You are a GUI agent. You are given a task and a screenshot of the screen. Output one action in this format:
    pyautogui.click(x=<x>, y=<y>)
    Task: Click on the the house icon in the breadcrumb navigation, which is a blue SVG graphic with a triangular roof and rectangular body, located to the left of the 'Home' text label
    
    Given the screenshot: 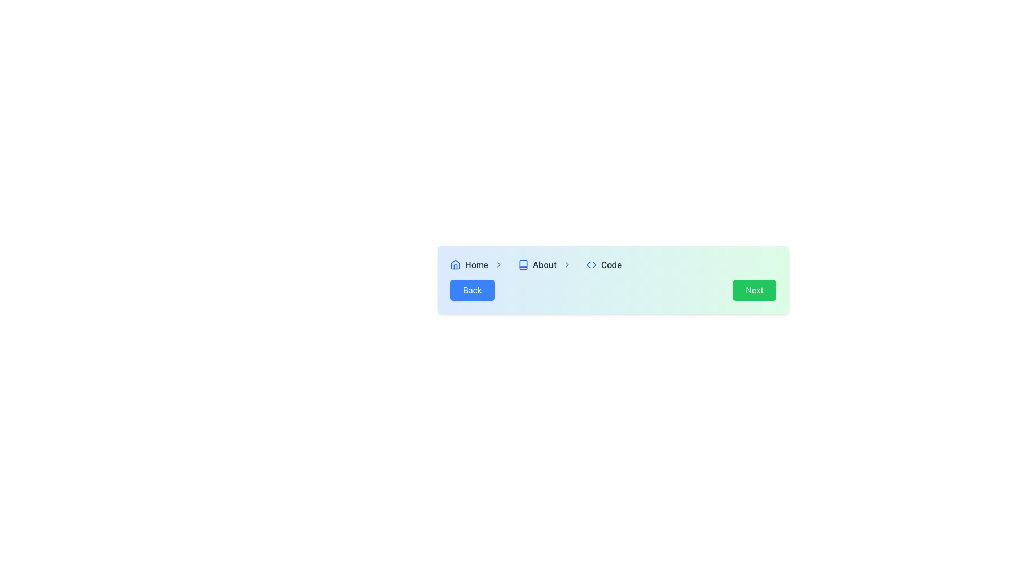 What is the action you would take?
    pyautogui.click(x=455, y=264)
    